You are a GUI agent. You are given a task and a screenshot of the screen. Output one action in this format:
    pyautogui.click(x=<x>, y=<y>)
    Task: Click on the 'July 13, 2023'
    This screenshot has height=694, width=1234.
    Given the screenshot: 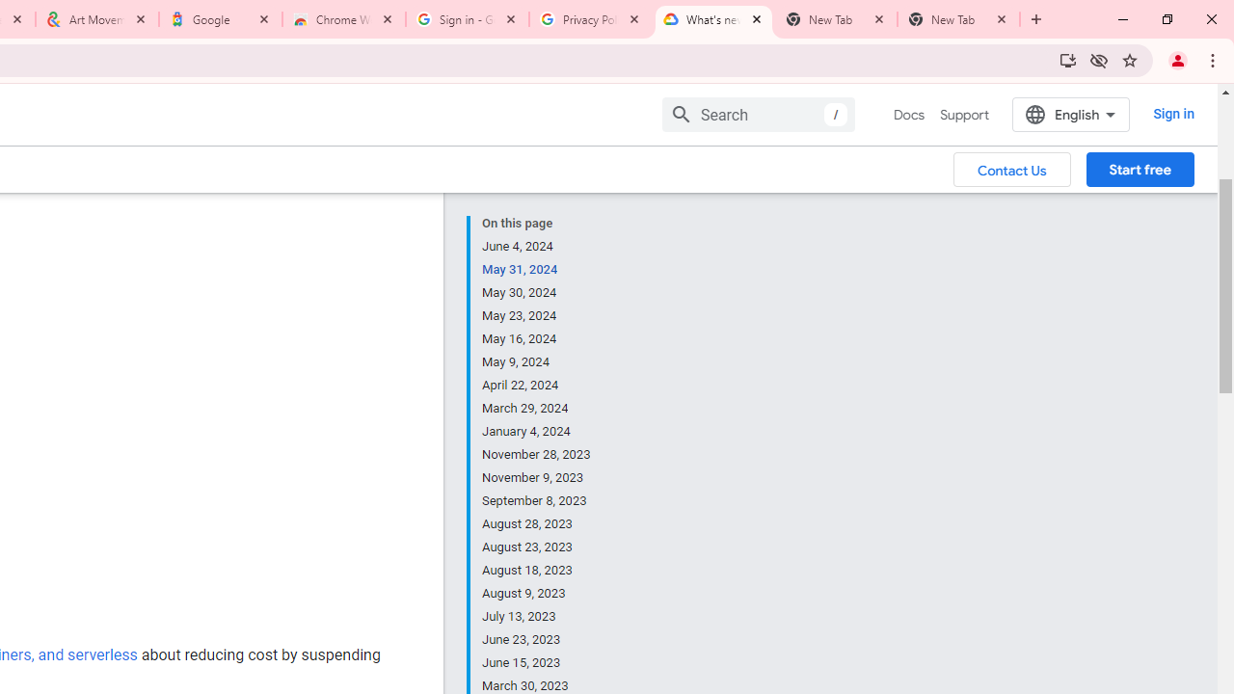 What is the action you would take?
    pyautogui.click(x=537, y=617)
    